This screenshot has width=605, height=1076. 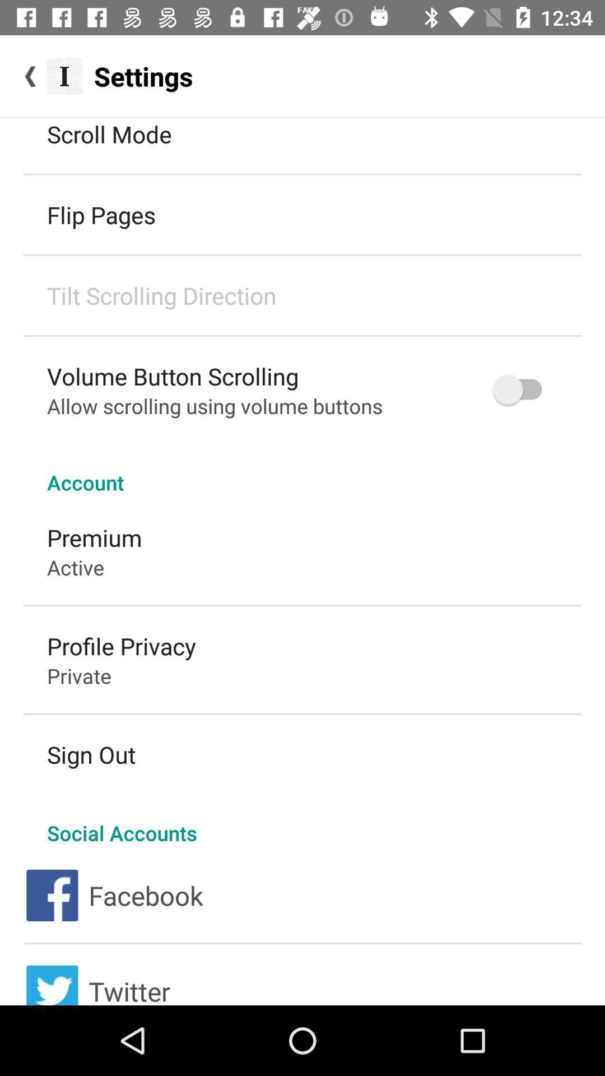 I want to click on the icon above flip pages item, so click(x=109, y=134).